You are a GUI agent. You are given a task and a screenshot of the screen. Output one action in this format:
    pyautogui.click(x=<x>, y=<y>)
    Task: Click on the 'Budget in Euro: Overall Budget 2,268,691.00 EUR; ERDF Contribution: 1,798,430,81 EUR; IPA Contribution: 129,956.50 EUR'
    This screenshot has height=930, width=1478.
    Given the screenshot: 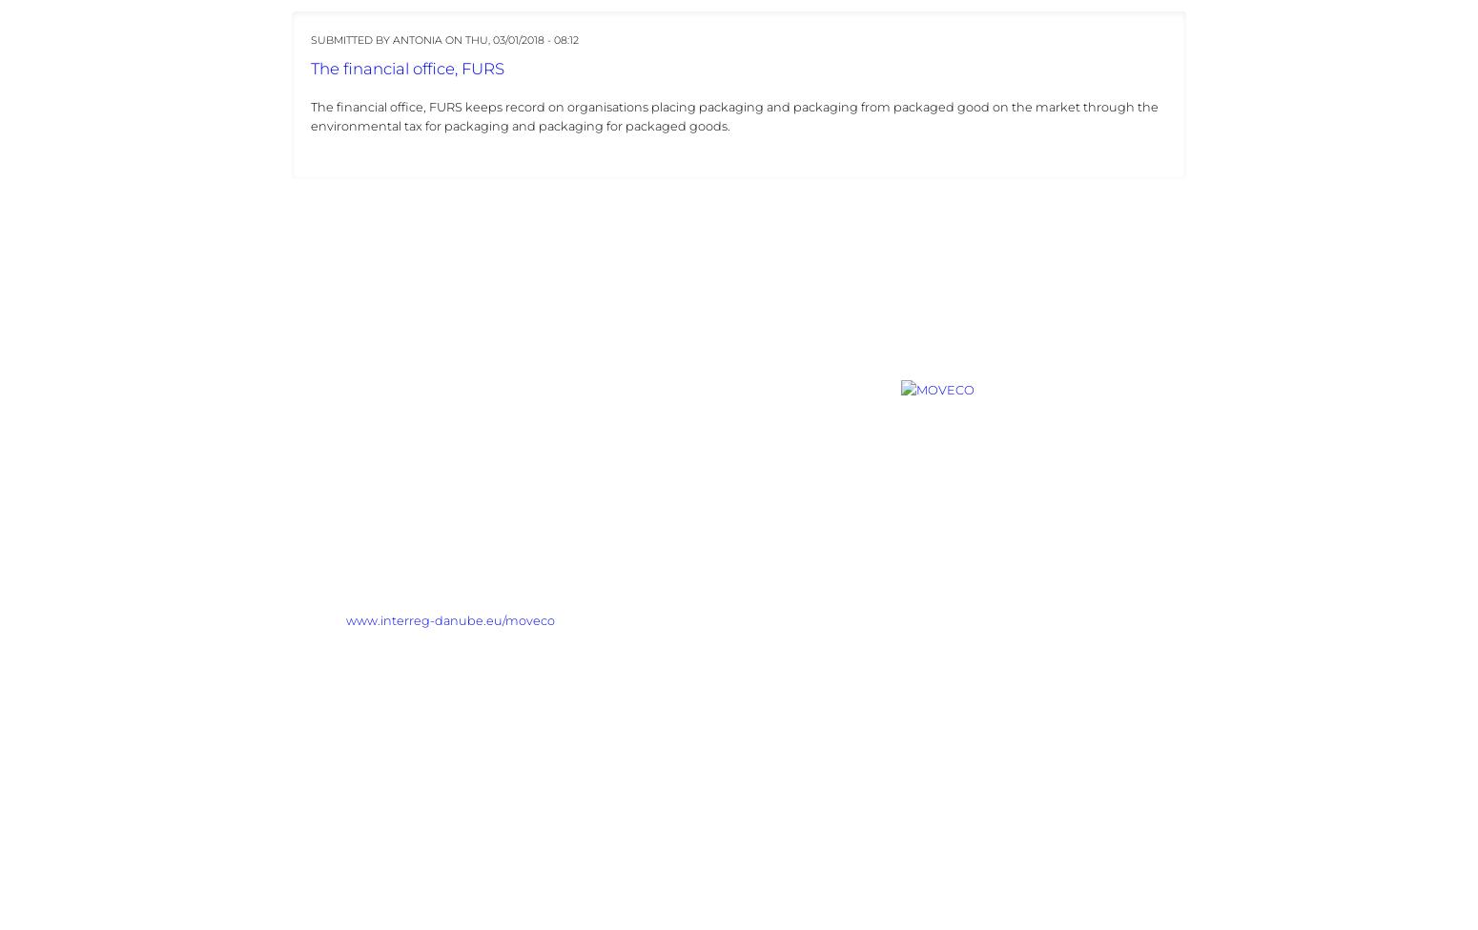 What is the action you would take?
    pyautogui.click(x=291, y=805)
    